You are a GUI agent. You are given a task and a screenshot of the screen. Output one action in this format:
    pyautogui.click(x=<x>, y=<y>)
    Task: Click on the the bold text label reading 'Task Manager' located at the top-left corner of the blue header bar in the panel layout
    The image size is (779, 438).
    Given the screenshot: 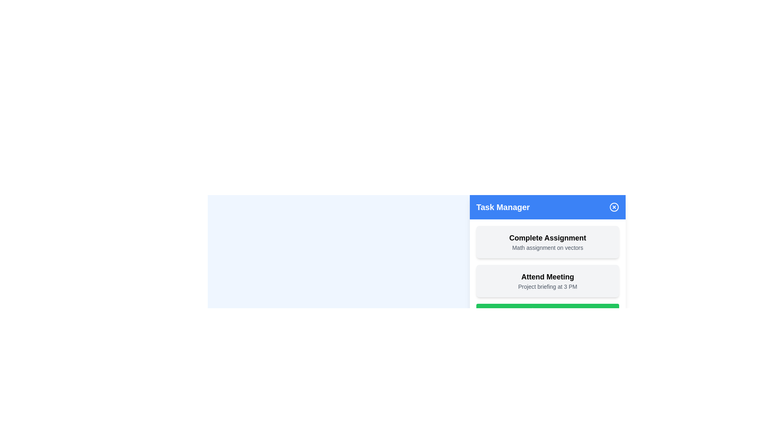 What is the action you would take?
    pyautogui.click(x=502, y=206)
    